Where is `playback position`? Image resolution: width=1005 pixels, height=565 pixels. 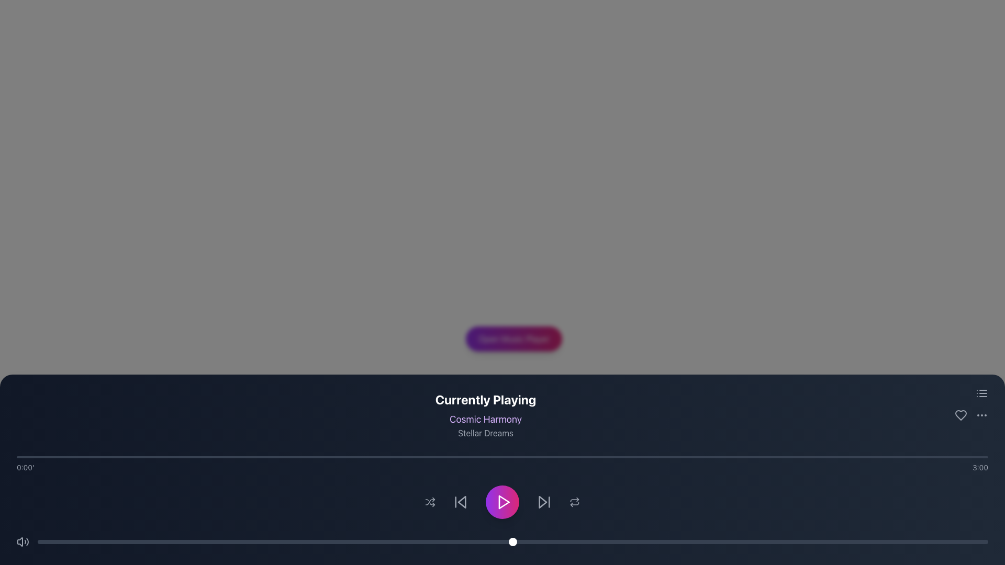 playback position is located at coordinates (454, 457).